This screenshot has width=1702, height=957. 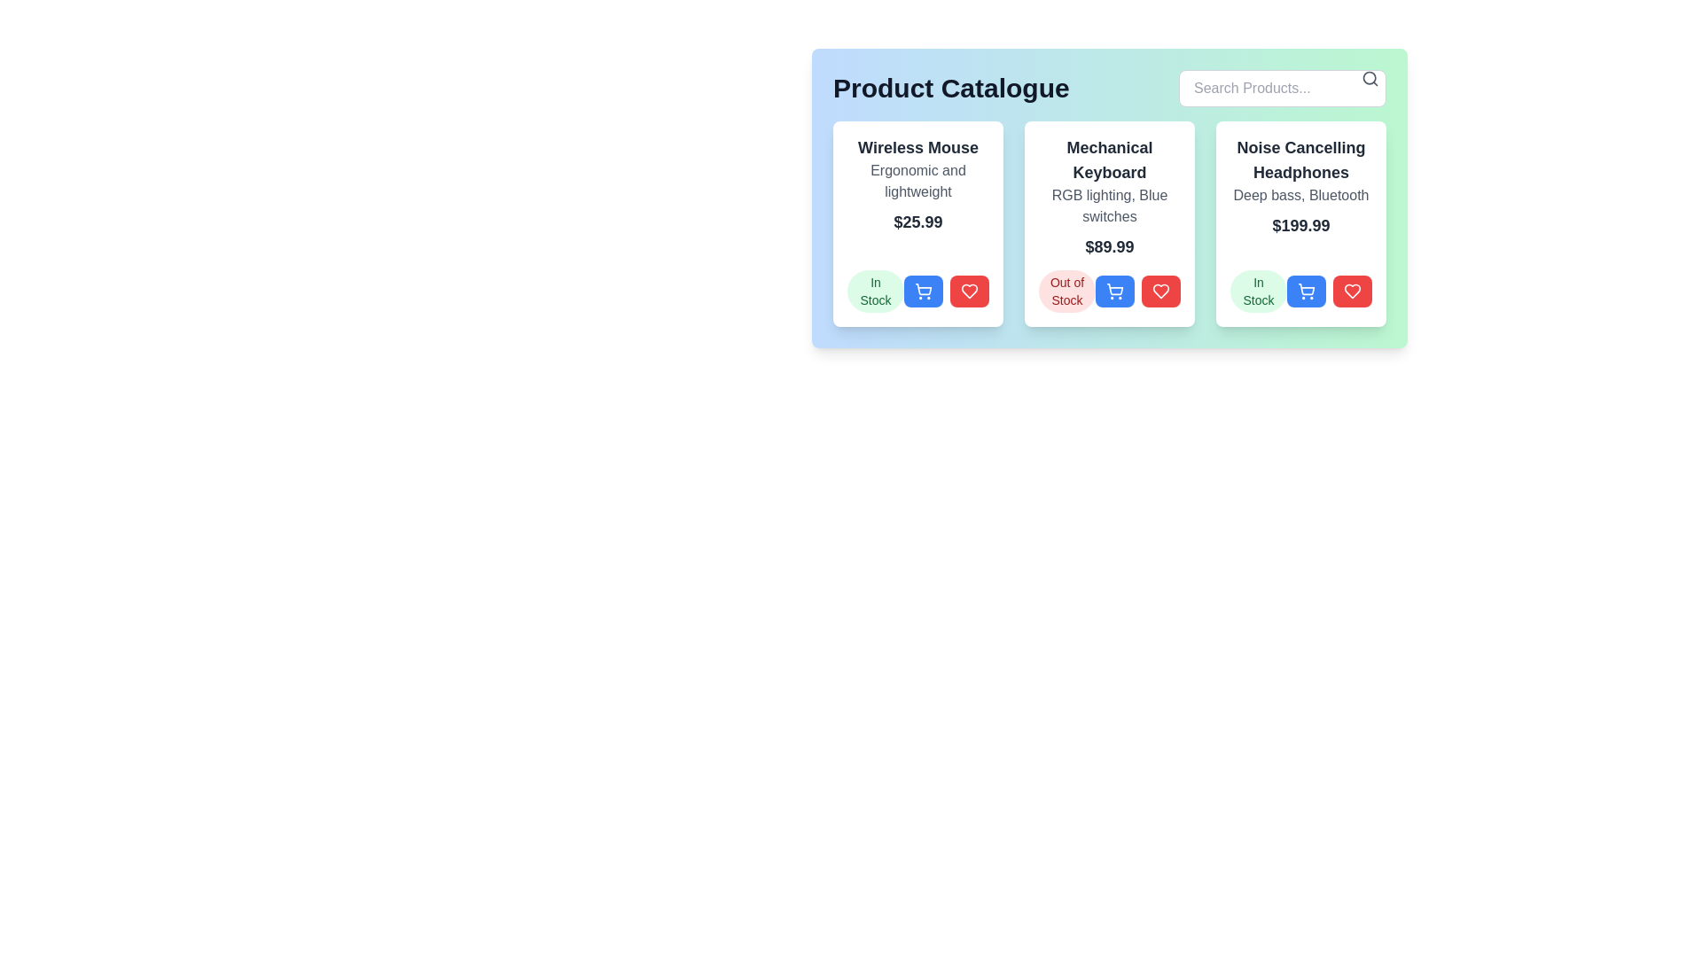 What do you see at coordinates (950, 89) in the screenshot?
I see `title of the prominent heading text element displaying 'Product Catalogue' located at the top left of the card-like section in the interface` at bounding box center [950, 89].